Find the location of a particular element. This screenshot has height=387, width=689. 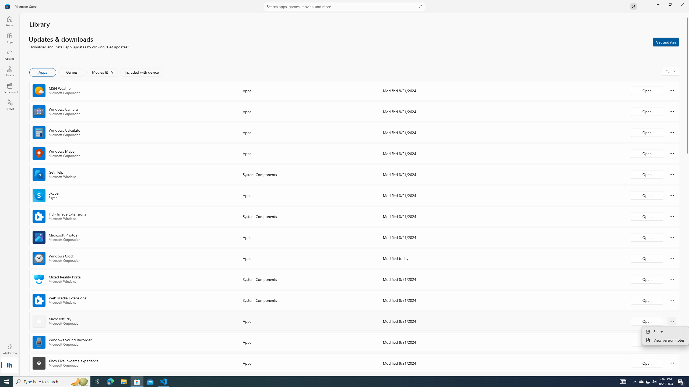

'Movies & TV' is located at coordinates (102, 72).